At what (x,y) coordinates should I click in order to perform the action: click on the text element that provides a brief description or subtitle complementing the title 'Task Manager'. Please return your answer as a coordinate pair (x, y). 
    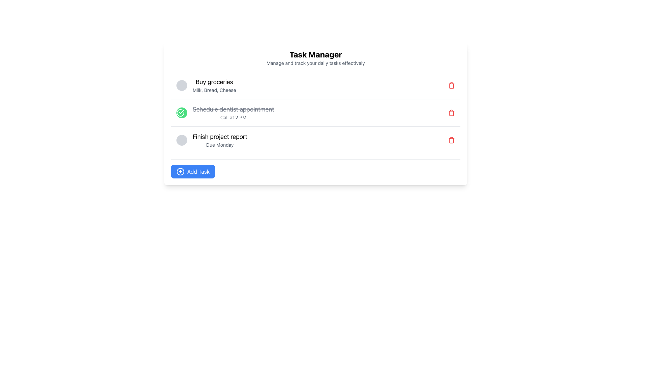
    Looking at the image, I should click on (315, 63).